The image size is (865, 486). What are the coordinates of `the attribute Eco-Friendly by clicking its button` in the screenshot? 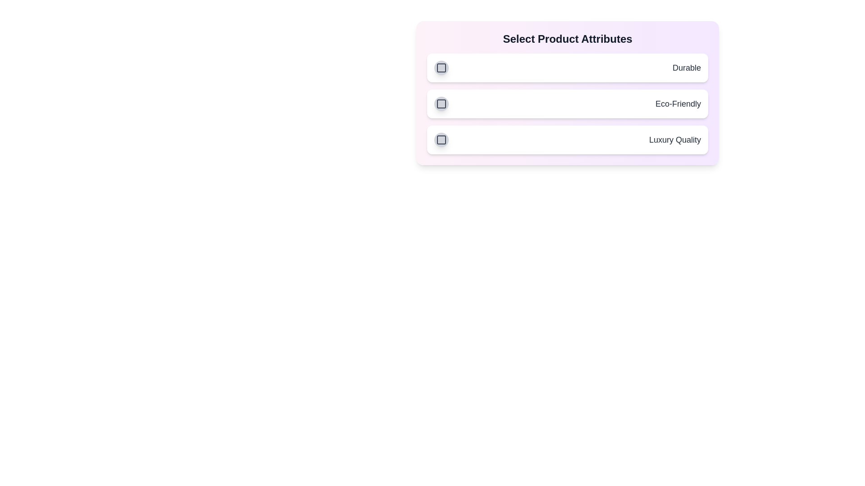 It's located at (441, 103).